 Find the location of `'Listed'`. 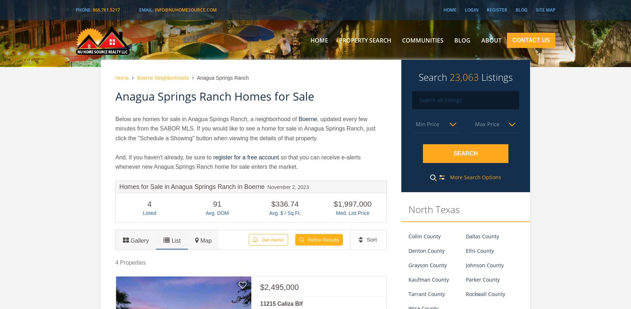

'Listed' is located at coordinates (149, 212).